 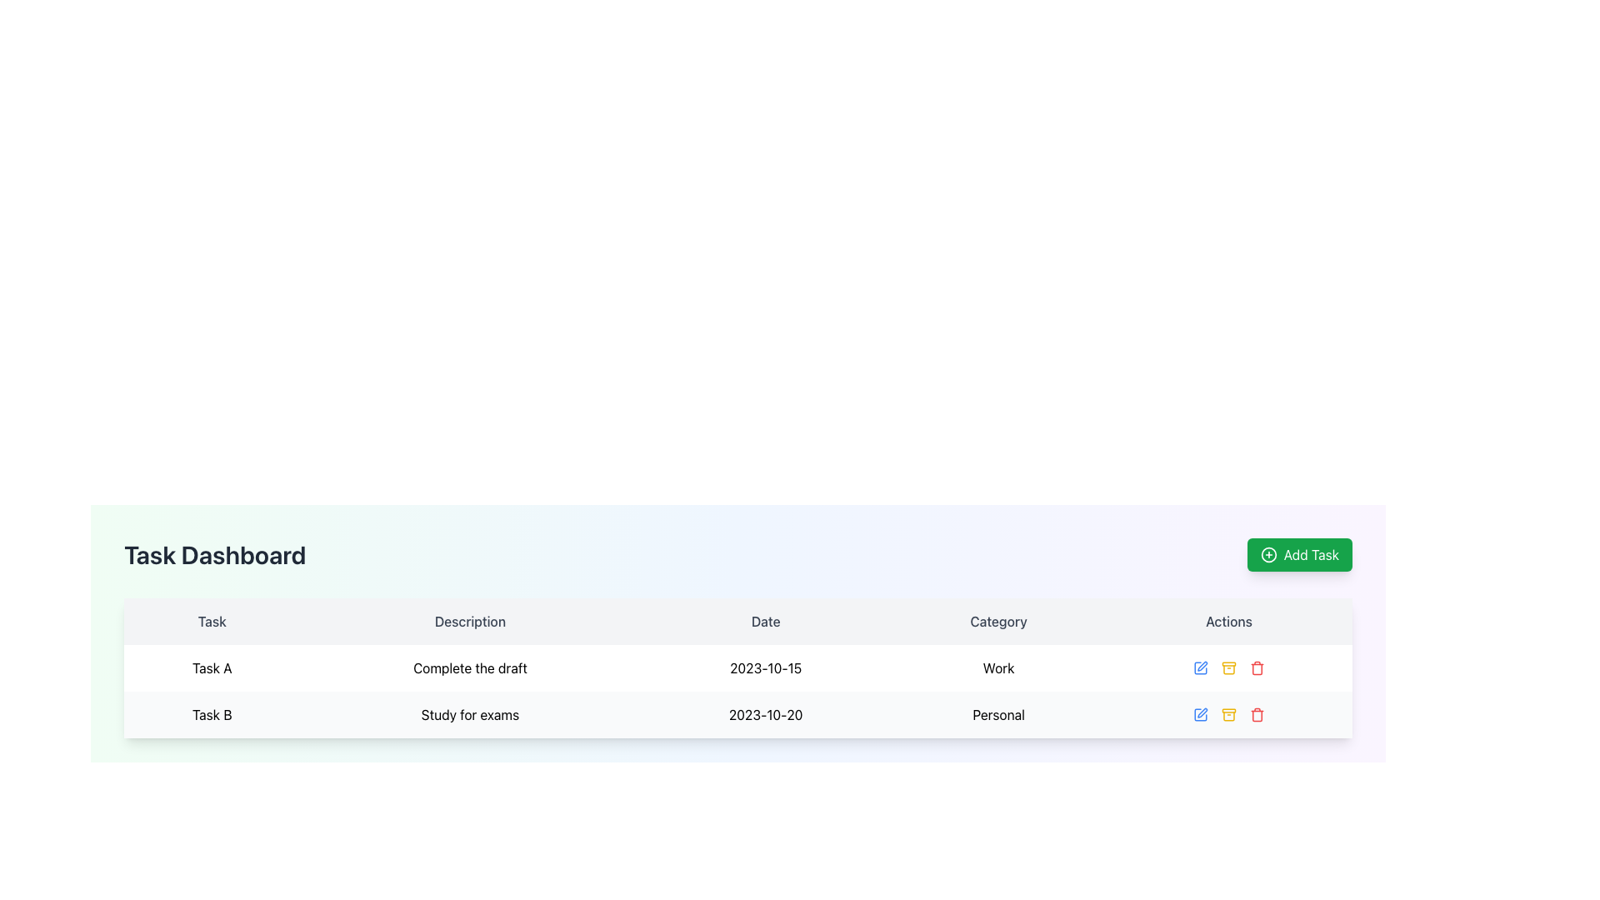 I want to click on the Label displaying the date '2023-10-20' in the Date column of the task table, so click(x=765, y=713).